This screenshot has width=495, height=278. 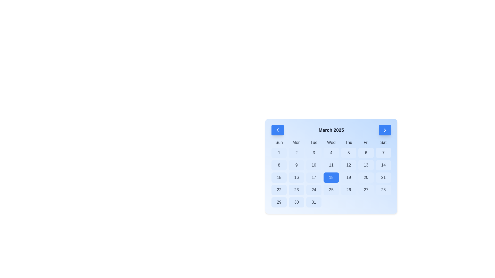 What do you see at coordinates (296, 153) in the screenshot?
I see `the rounded rectangular button displaying the number '2' with a light blue background` at bounding box center [296, 153].